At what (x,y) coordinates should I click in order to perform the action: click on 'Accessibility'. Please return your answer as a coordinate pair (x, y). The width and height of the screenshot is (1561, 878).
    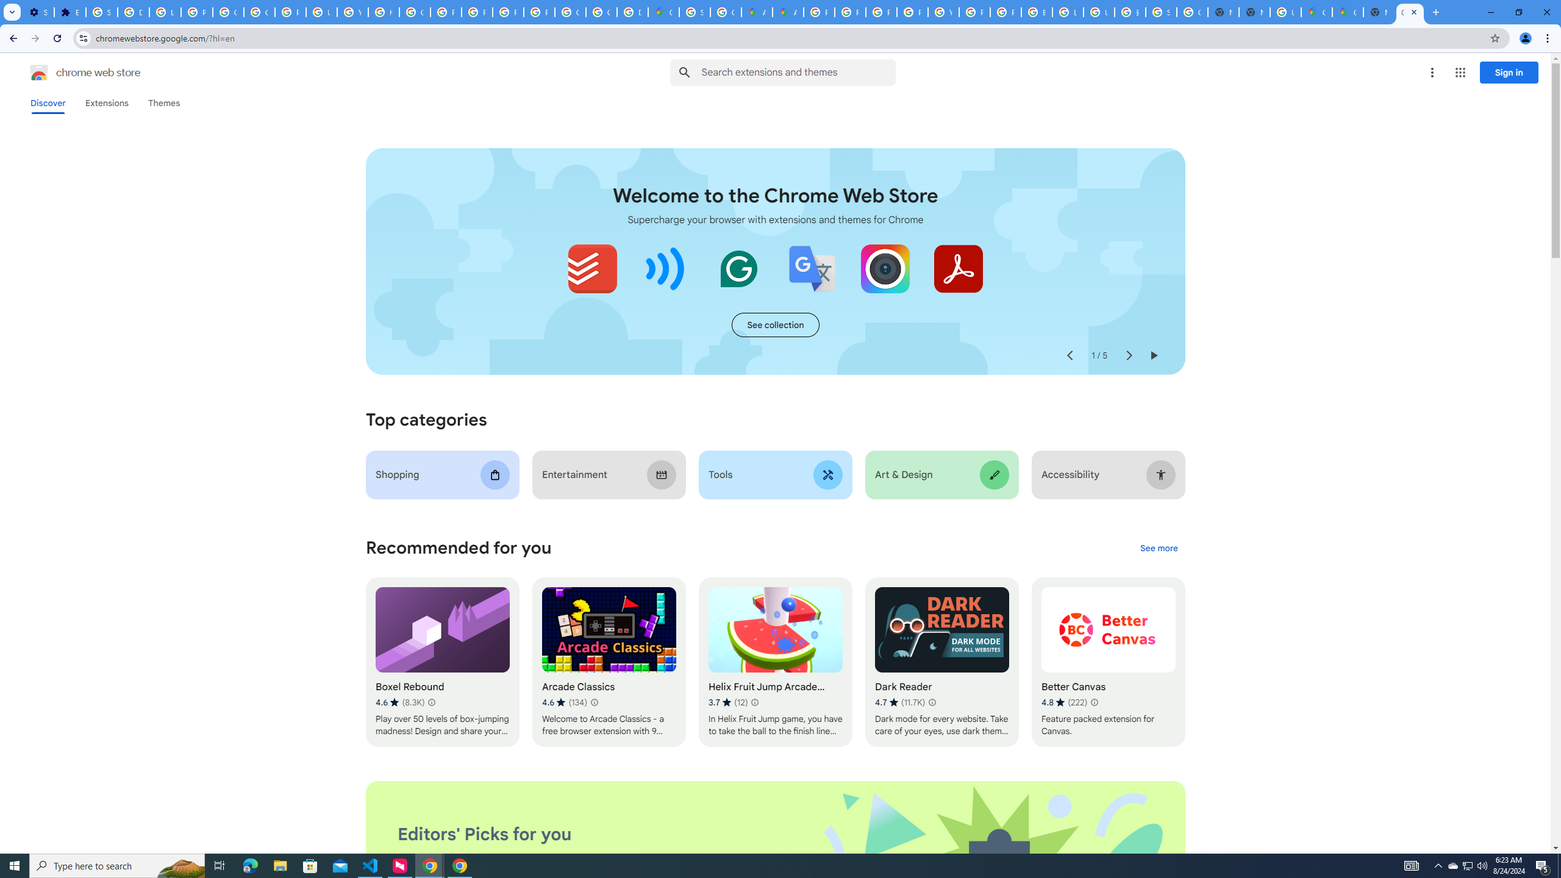
    Looking at the image, I should click on (1108, 474).